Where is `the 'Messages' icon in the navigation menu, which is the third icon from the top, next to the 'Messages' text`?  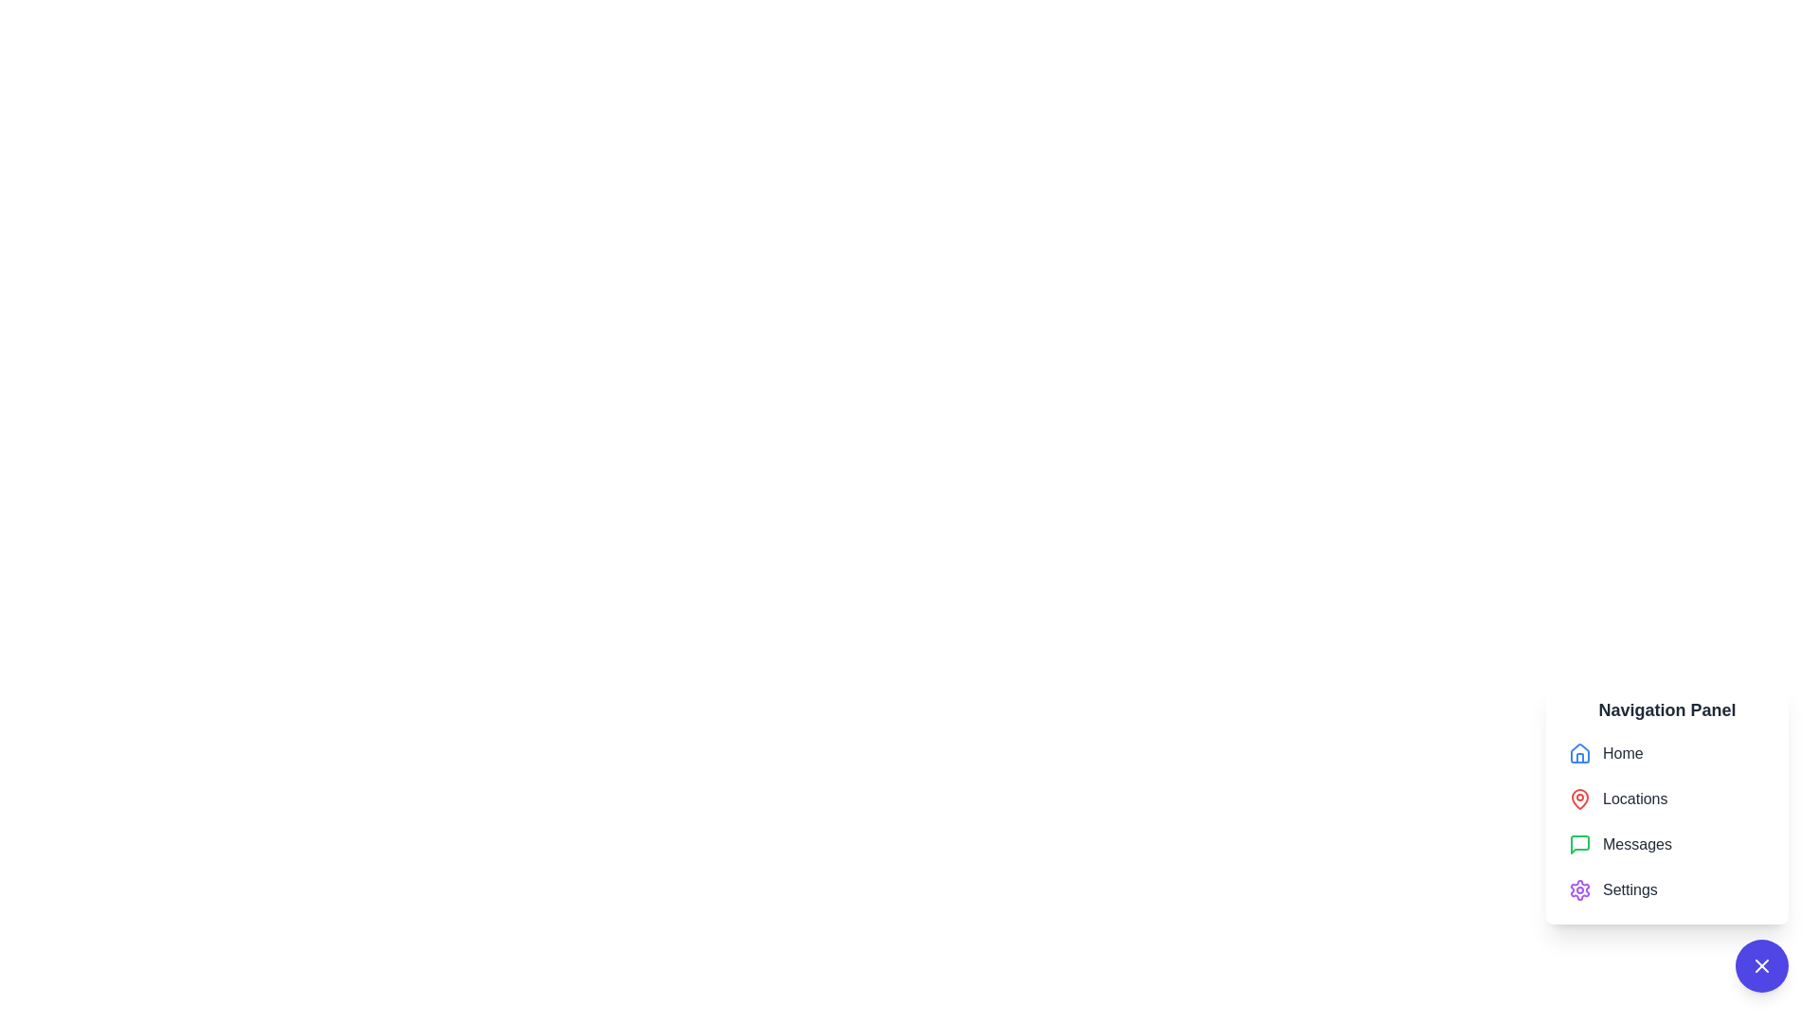
the 'Messages' icon in the navigation menu, which is the third icon from the top, next to the 'Messages' text is located at coordinates (1580, 843).